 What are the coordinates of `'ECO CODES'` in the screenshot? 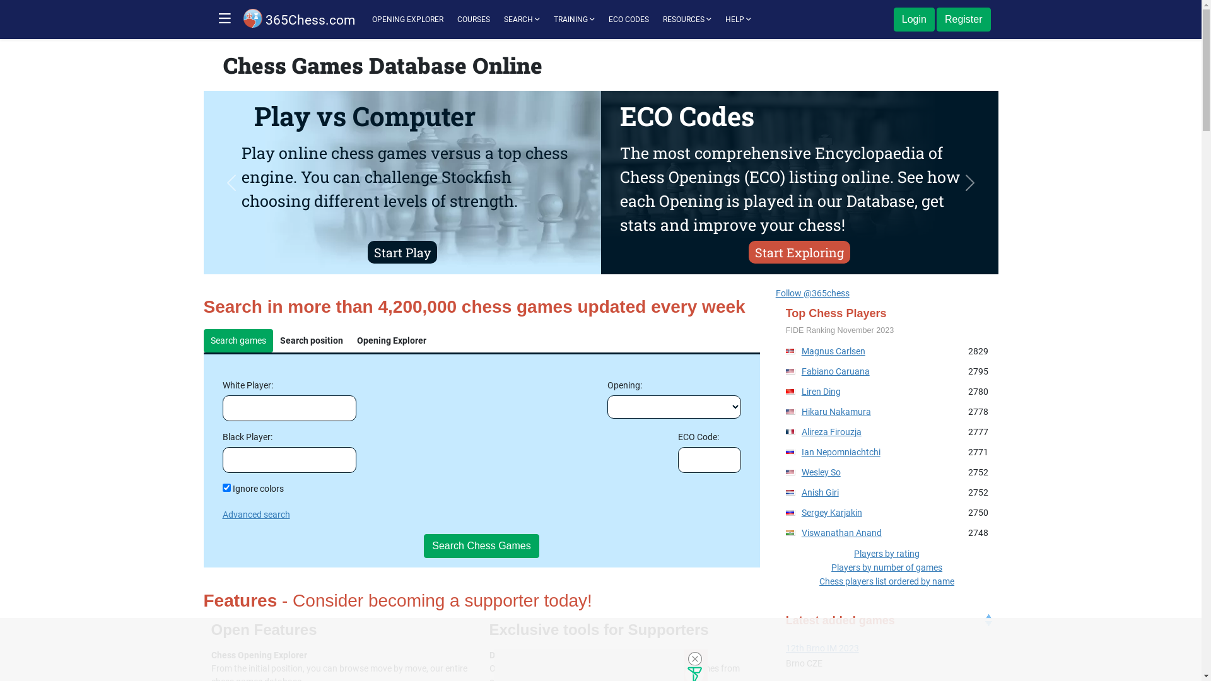 It's located at (602, 19).